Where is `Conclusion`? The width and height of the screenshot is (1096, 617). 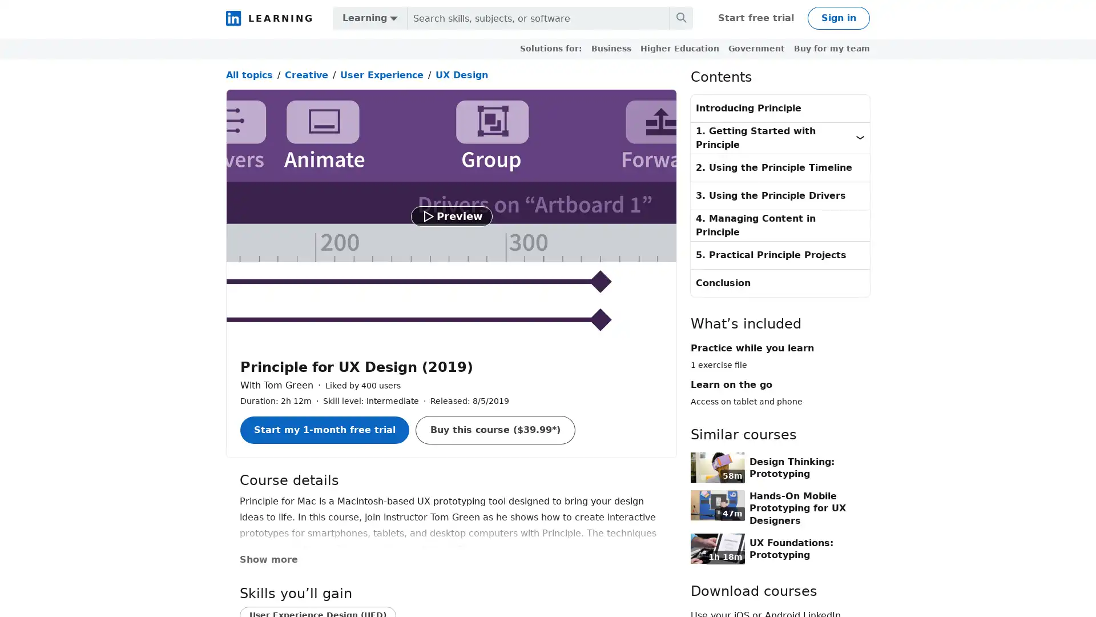 Conclusion is located at coordinates (780, 282).